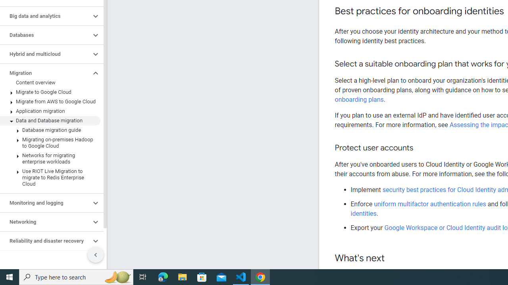 The image size is (508, 285). Describe the element at coordinates (45, 34) in the screenshot. I see `'Databases'` at that location.